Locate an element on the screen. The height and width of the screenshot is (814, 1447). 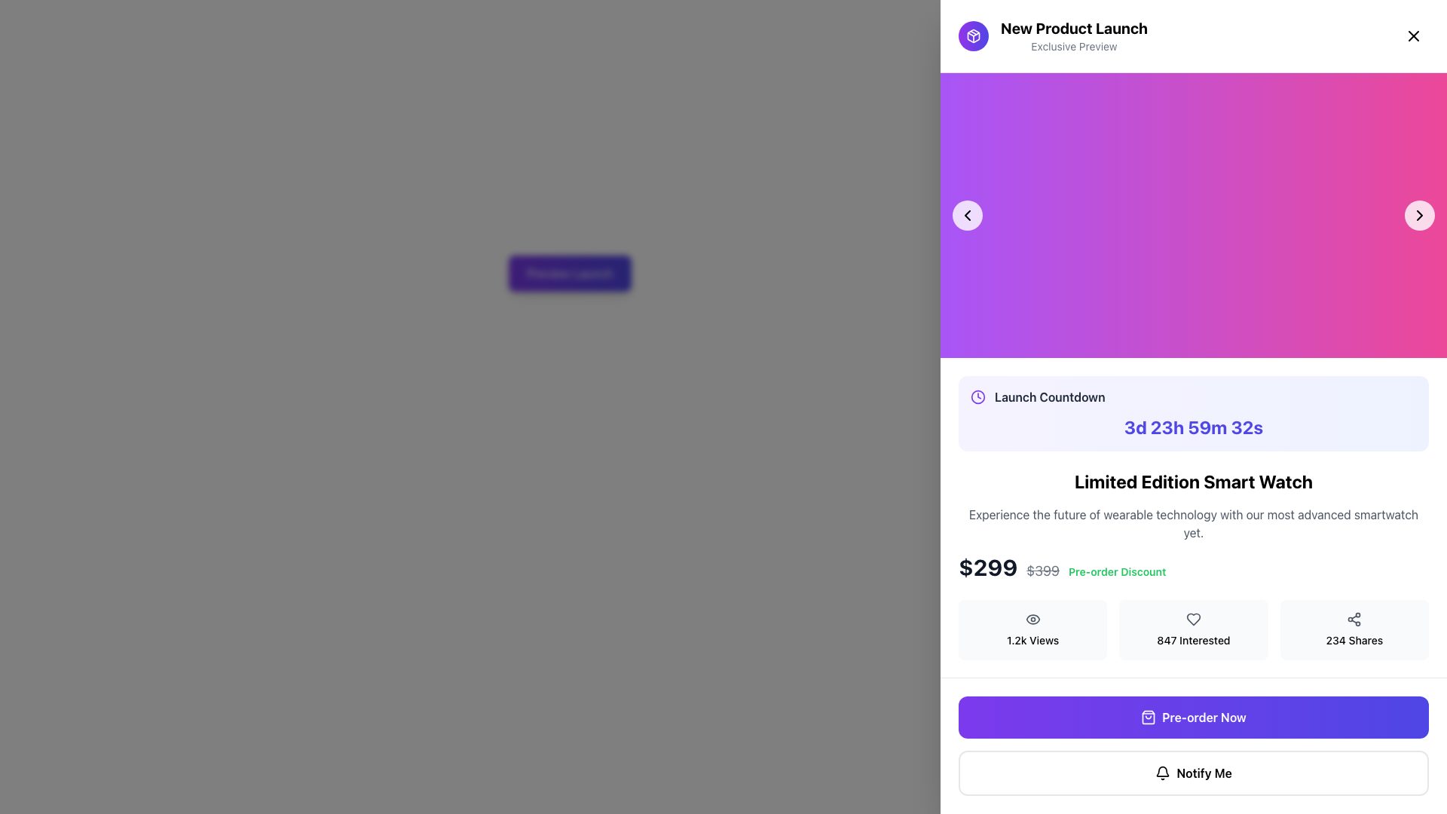
the total number of shares display located in the right-aligned card below the product description and above the 'Pre-order Now' button is located at coordinates (1354, 640).